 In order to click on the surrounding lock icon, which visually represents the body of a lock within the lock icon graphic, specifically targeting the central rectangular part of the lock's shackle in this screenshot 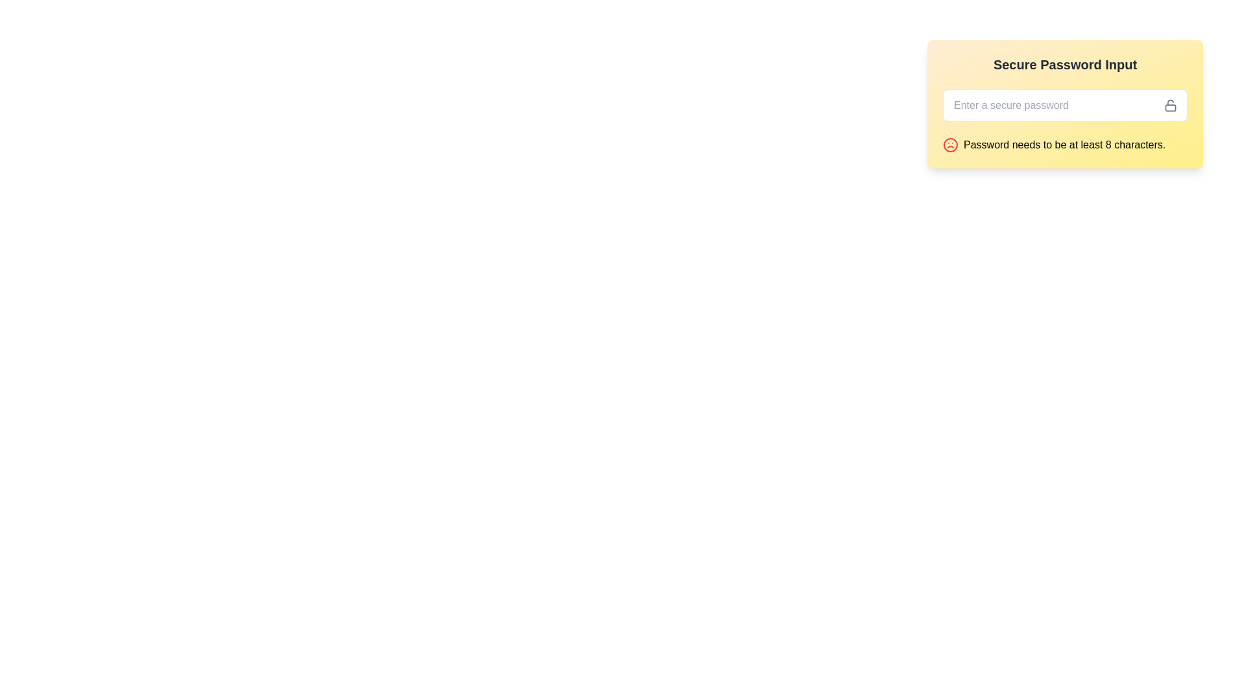, I will do `click(1171, 107)`.